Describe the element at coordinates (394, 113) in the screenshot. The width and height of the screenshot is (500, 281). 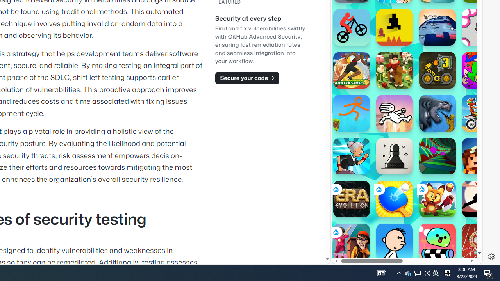
I see `'Dreadhead Parkour'` at that location.